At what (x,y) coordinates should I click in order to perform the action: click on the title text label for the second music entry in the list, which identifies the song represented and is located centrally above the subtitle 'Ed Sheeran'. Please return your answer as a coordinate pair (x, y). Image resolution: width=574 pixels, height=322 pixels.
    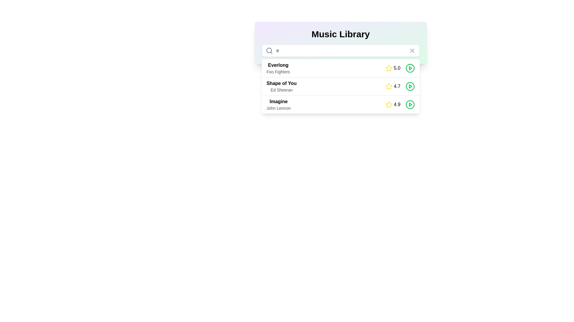
    Looking at the image, I should click on (281, 83).